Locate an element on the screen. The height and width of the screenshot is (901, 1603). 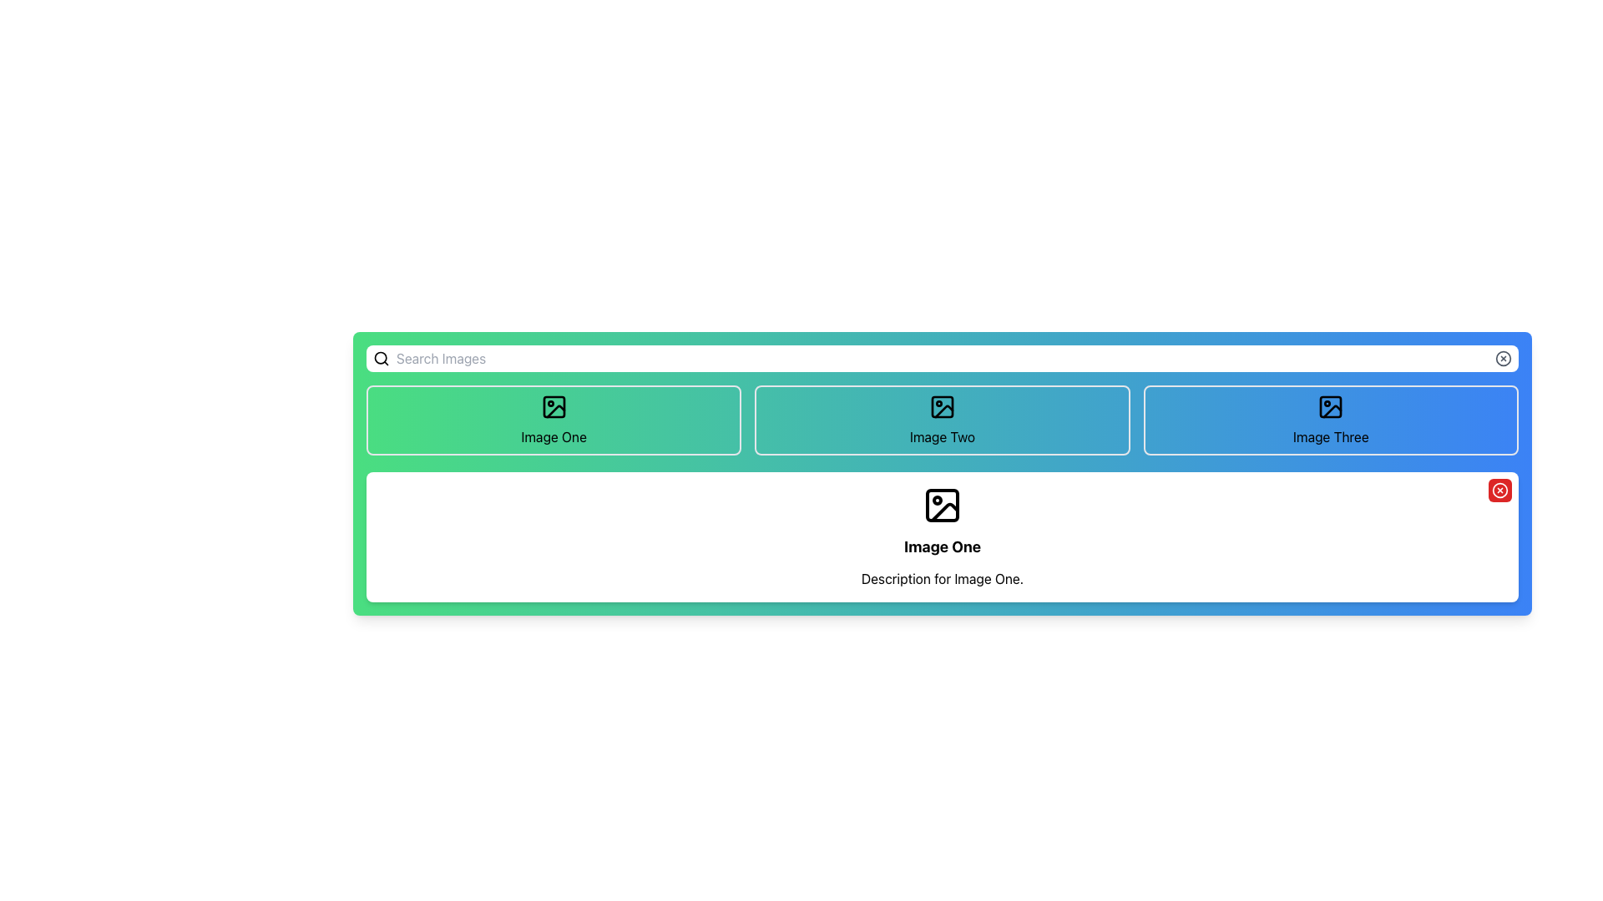
the triangular graphical icon located at the bottom-right of the square bounding box within the grid arrangement is located at coordinates (555, 411).